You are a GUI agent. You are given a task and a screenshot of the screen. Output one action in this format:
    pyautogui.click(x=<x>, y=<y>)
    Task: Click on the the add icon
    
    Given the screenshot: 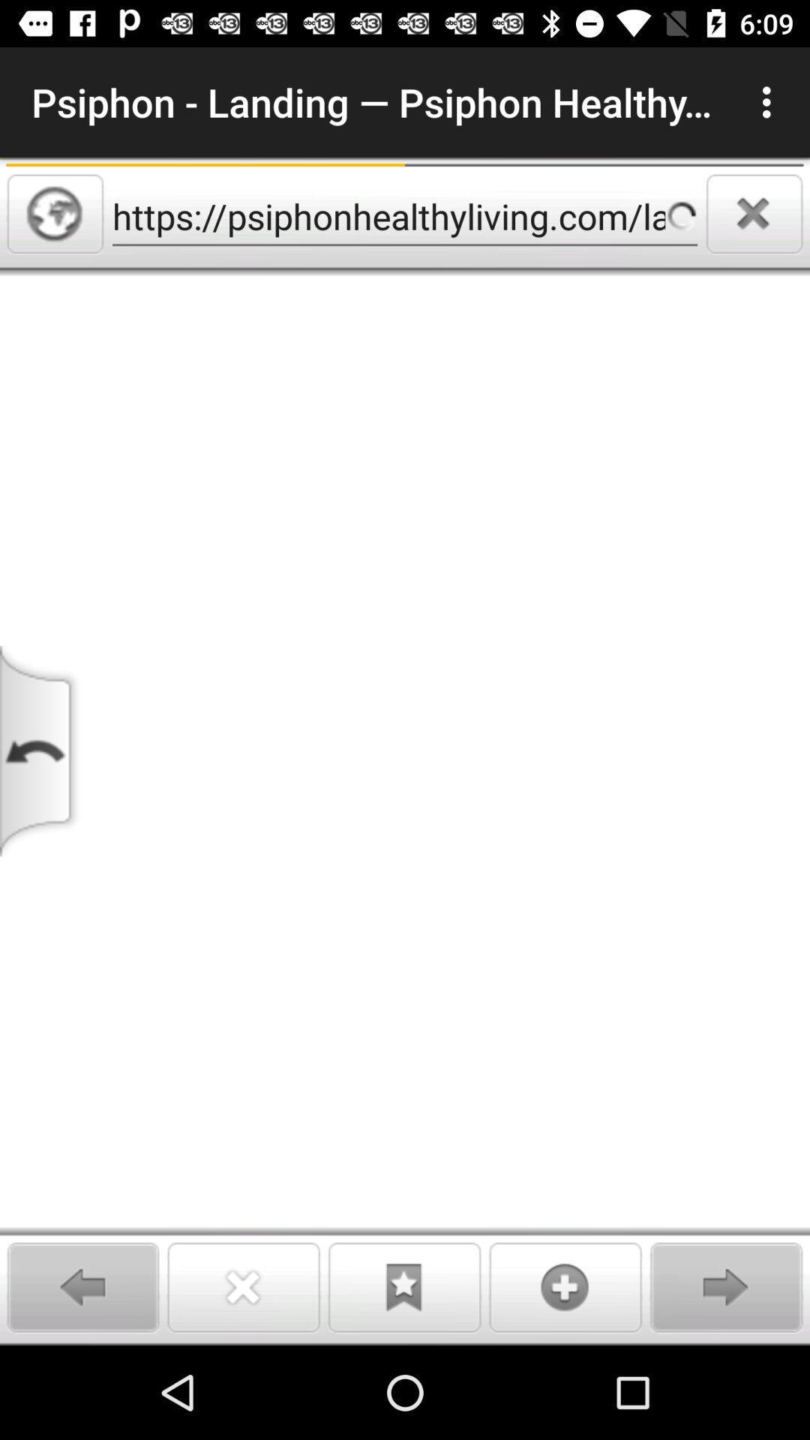 What is the action you would take?
    pyautogui.click(x=565, y=1286)
    